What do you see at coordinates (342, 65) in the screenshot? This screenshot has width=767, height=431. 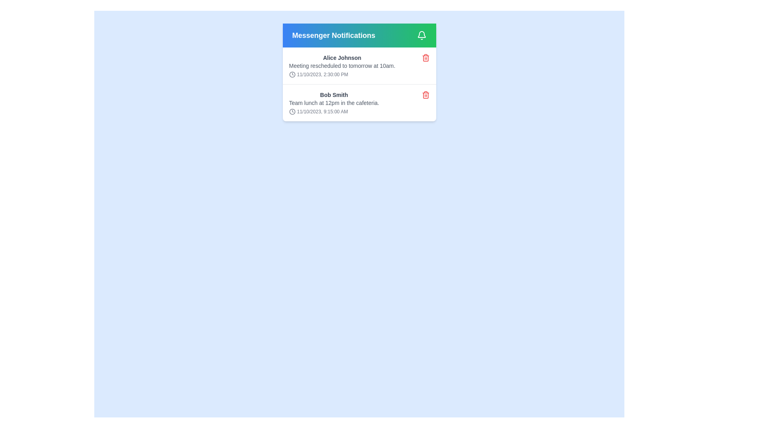 I see `text displayed in the notification card that says 'Meeting rescheduled to tomorrow at 10am.'` at bounding box center [342, 65].